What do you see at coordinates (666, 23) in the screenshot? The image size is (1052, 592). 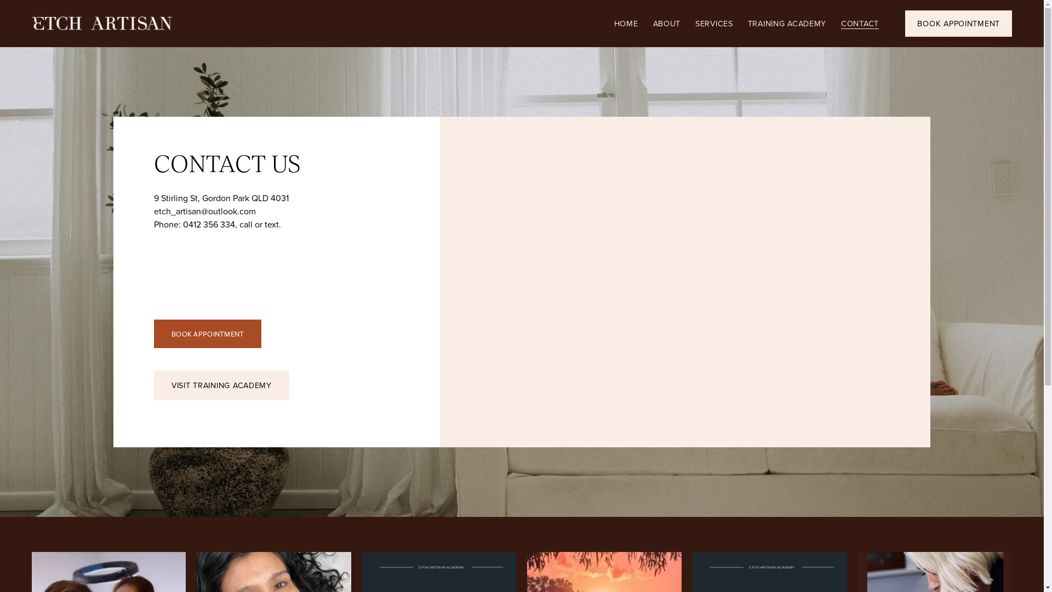 I see `'ABOUT'` at bounding box center [666, 23].